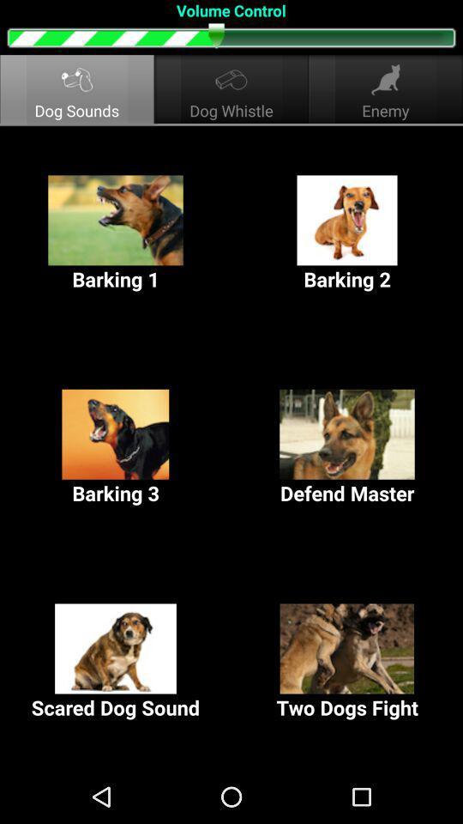 This screenshot has width=463, height=824. Describe the element at coordinates (116, 661) in the screenshot. I see `scared dog sound` at that location.